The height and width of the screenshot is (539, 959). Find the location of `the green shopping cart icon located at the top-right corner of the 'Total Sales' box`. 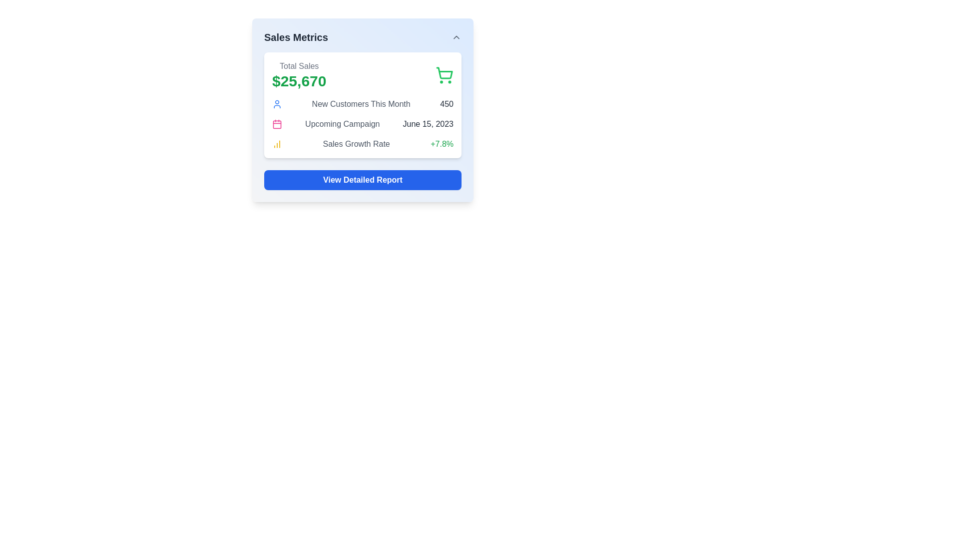

the green shopping cart icon located at the top-right corner of the 'Total Sales' box is located at coordinates (444, 74).